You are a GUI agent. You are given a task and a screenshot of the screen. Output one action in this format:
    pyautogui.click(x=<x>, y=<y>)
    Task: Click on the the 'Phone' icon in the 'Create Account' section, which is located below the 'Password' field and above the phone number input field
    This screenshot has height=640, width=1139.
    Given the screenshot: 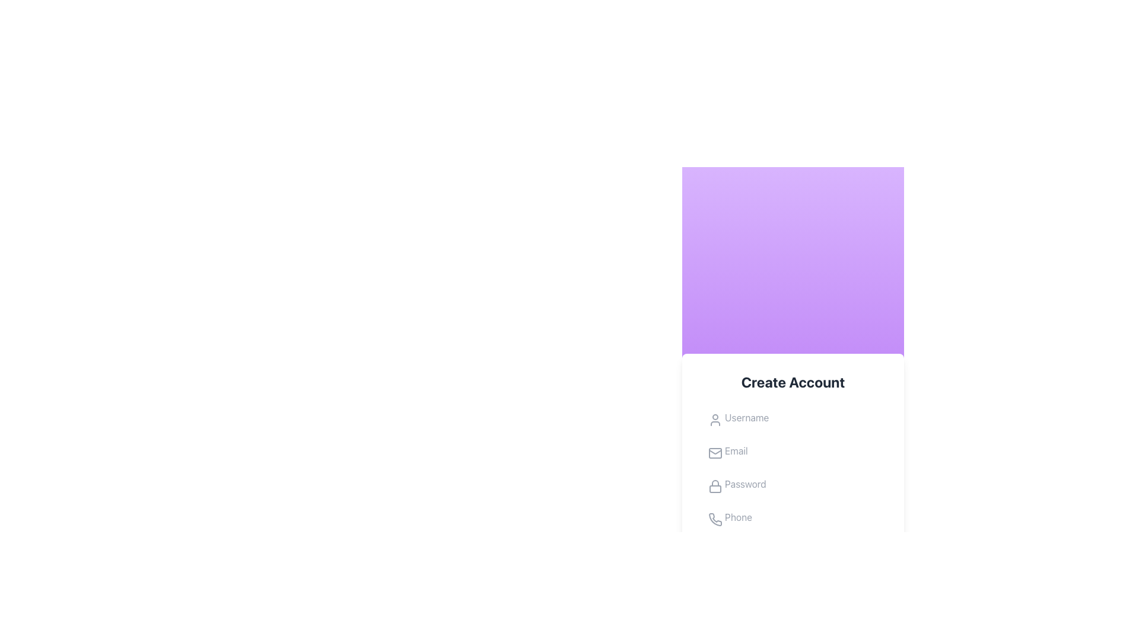 What is the action you would take?
    pyautogui.click(x=715, y=519)
    